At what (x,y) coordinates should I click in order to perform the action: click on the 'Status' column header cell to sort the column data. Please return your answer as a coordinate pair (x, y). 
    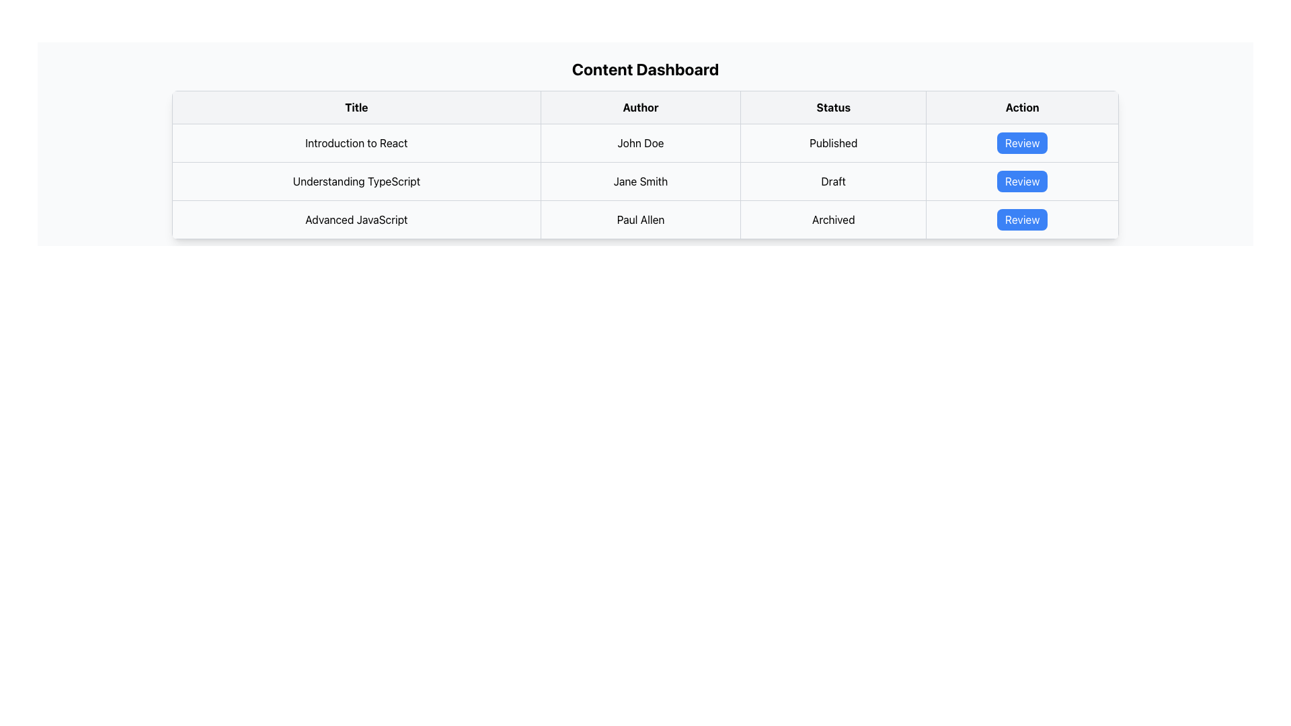
    Looking at the image, I should click on (832, 106).